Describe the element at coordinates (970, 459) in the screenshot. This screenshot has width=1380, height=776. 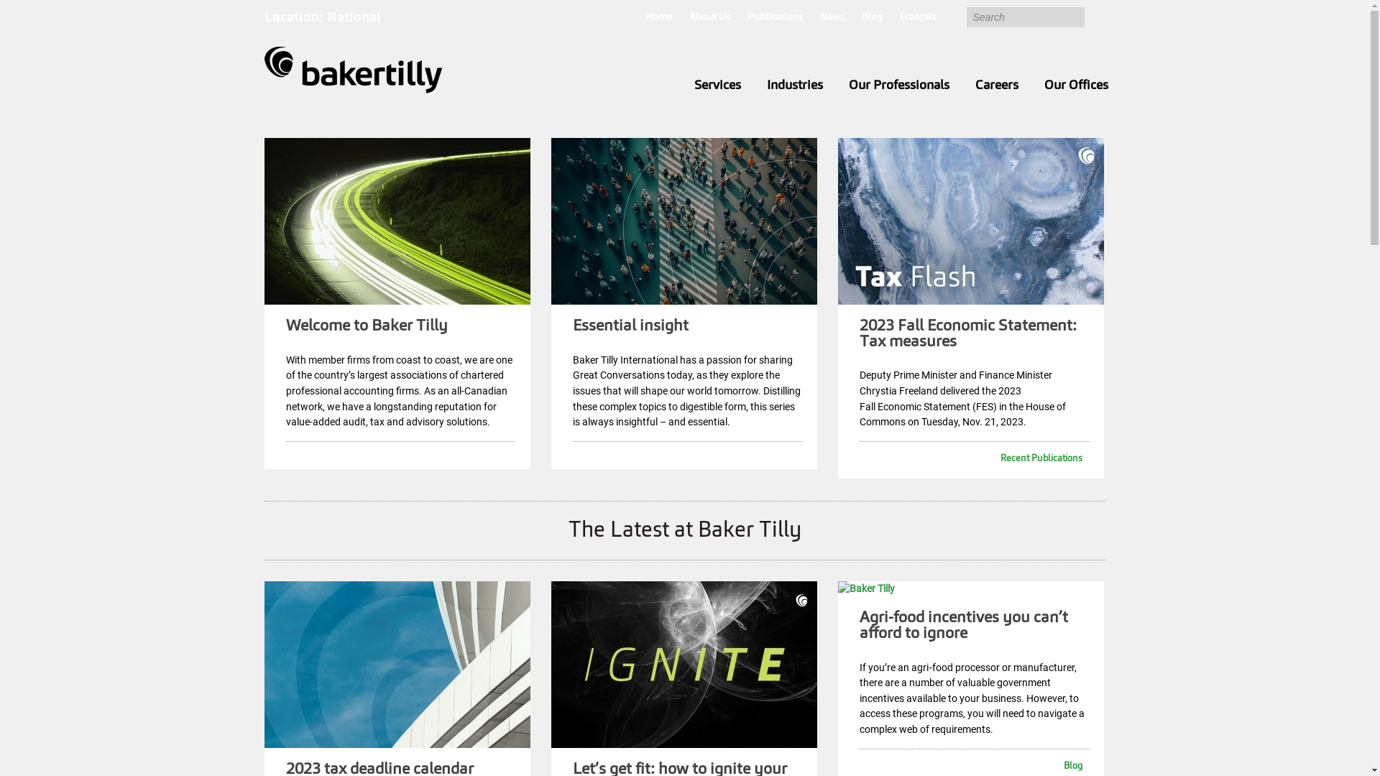
I see `'Recent Publications'` at that location.